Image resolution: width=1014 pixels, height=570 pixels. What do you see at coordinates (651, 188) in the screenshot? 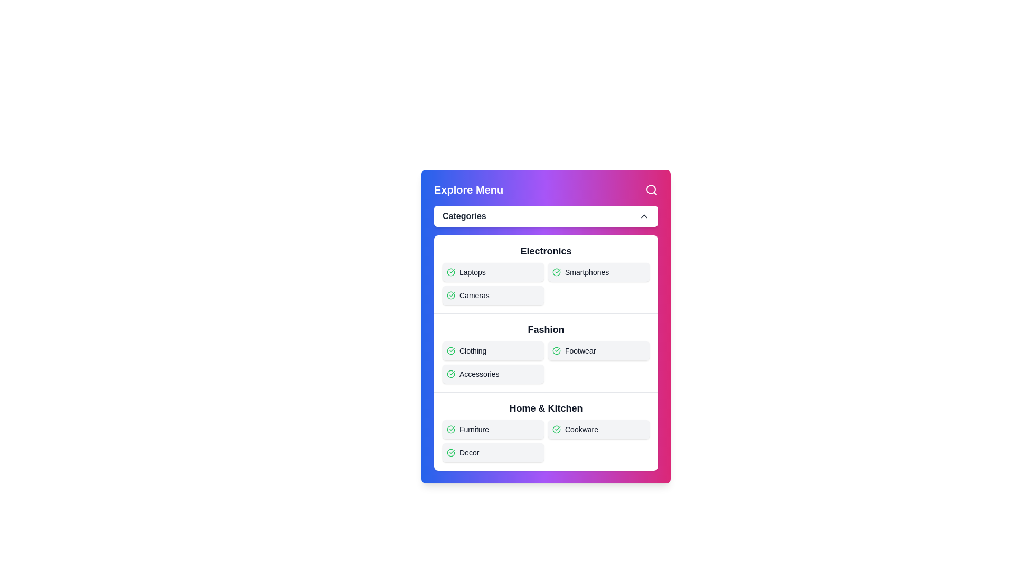
I see `the SVG circle element that visually represents the circular portion of the magnifying glass icon used for search functionality in the top-right corner of the card-like interface panel` at bounding box center [651, 188].